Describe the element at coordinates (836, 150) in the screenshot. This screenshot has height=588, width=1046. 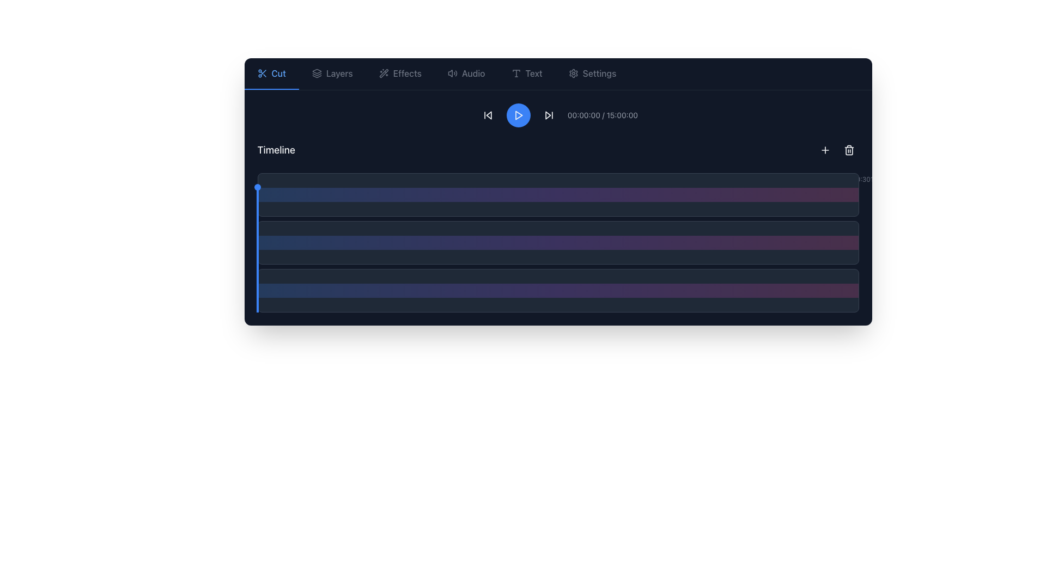
I see `the toolbar located in the top-right corner of the interface, which contains two buttons: a plus sign for adding items and a trash can for deletion` at that location.